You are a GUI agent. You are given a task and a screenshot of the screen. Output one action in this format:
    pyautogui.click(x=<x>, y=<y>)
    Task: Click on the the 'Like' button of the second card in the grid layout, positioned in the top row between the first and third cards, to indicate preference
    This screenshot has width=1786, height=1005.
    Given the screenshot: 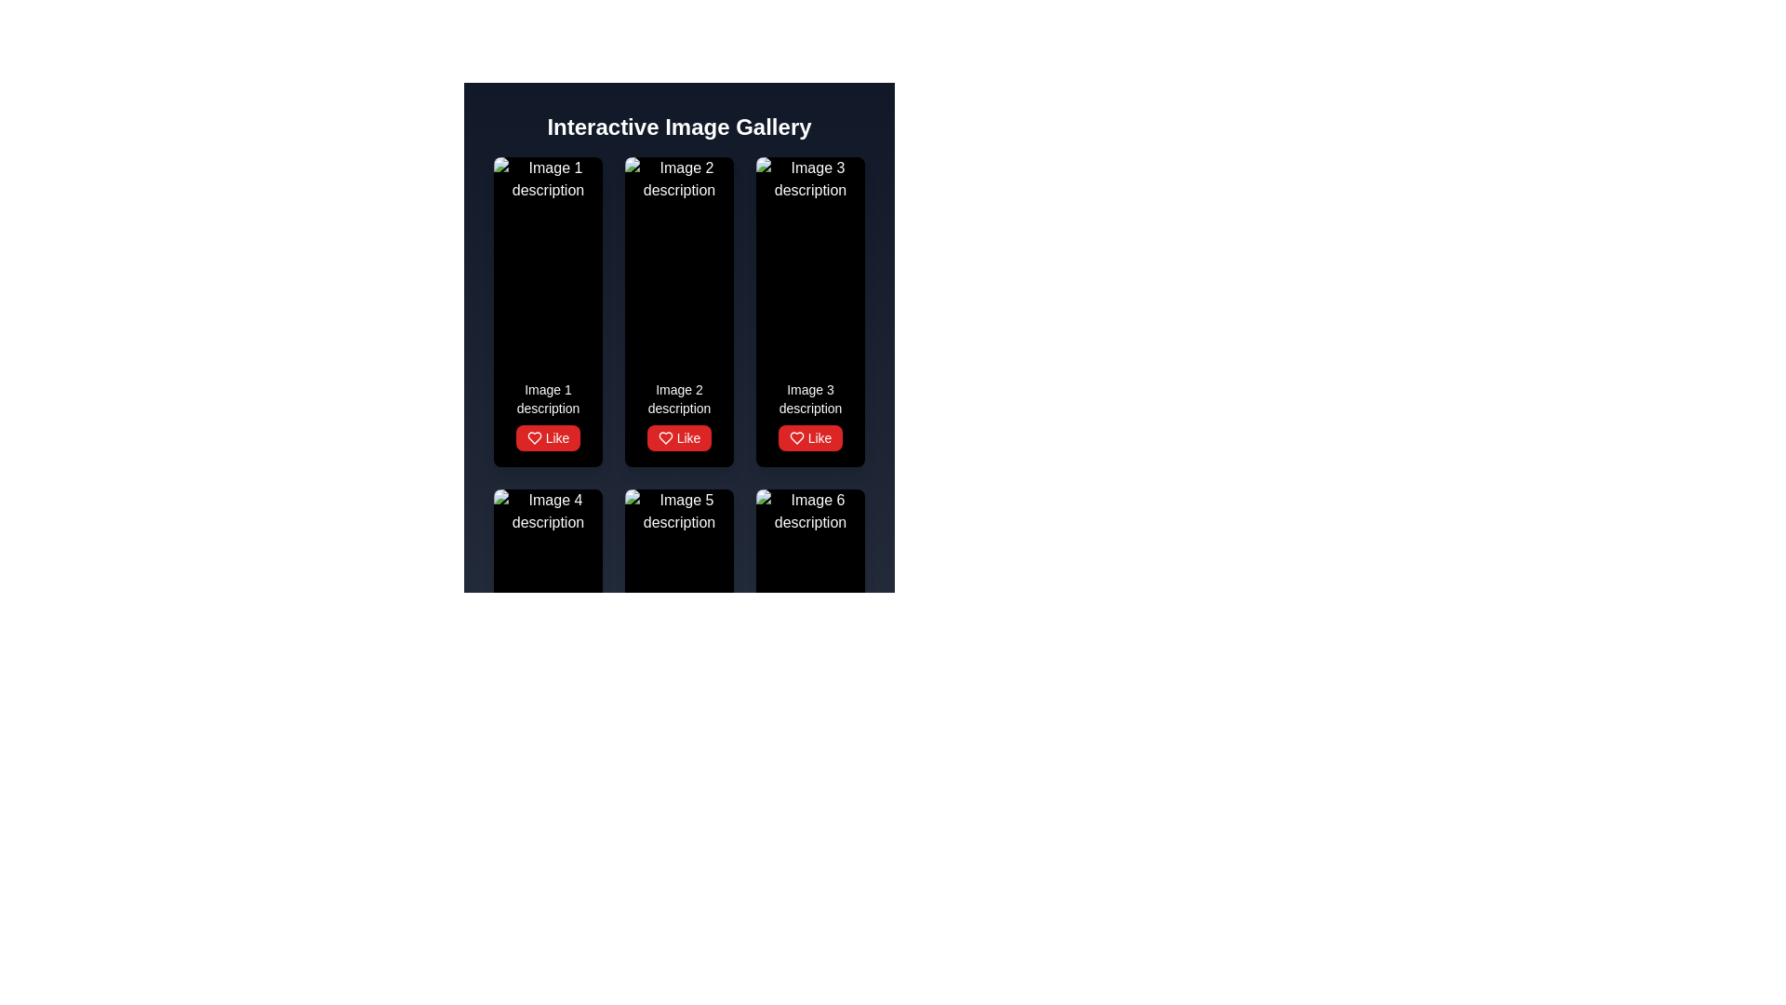 What is the action you would take?
    pyautogui.click(x=678, y=311)
    